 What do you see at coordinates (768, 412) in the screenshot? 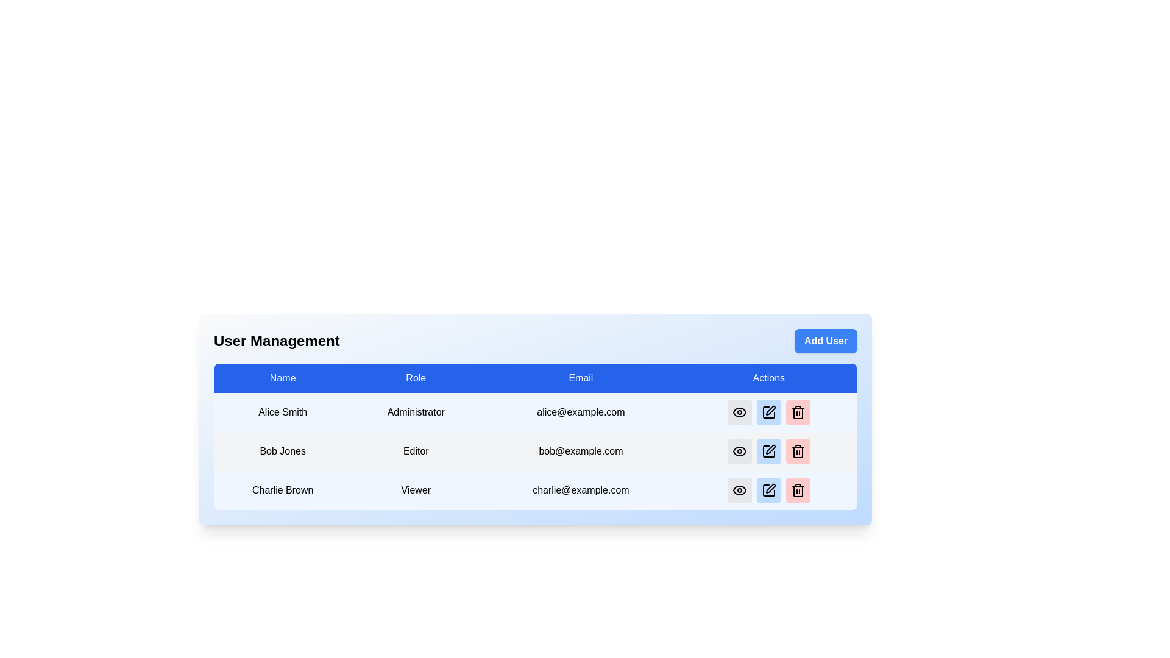
I see `the edit button with a pen icon, which is the second button in the 'Actions' column of the first row` at bounding box center [768, 412].